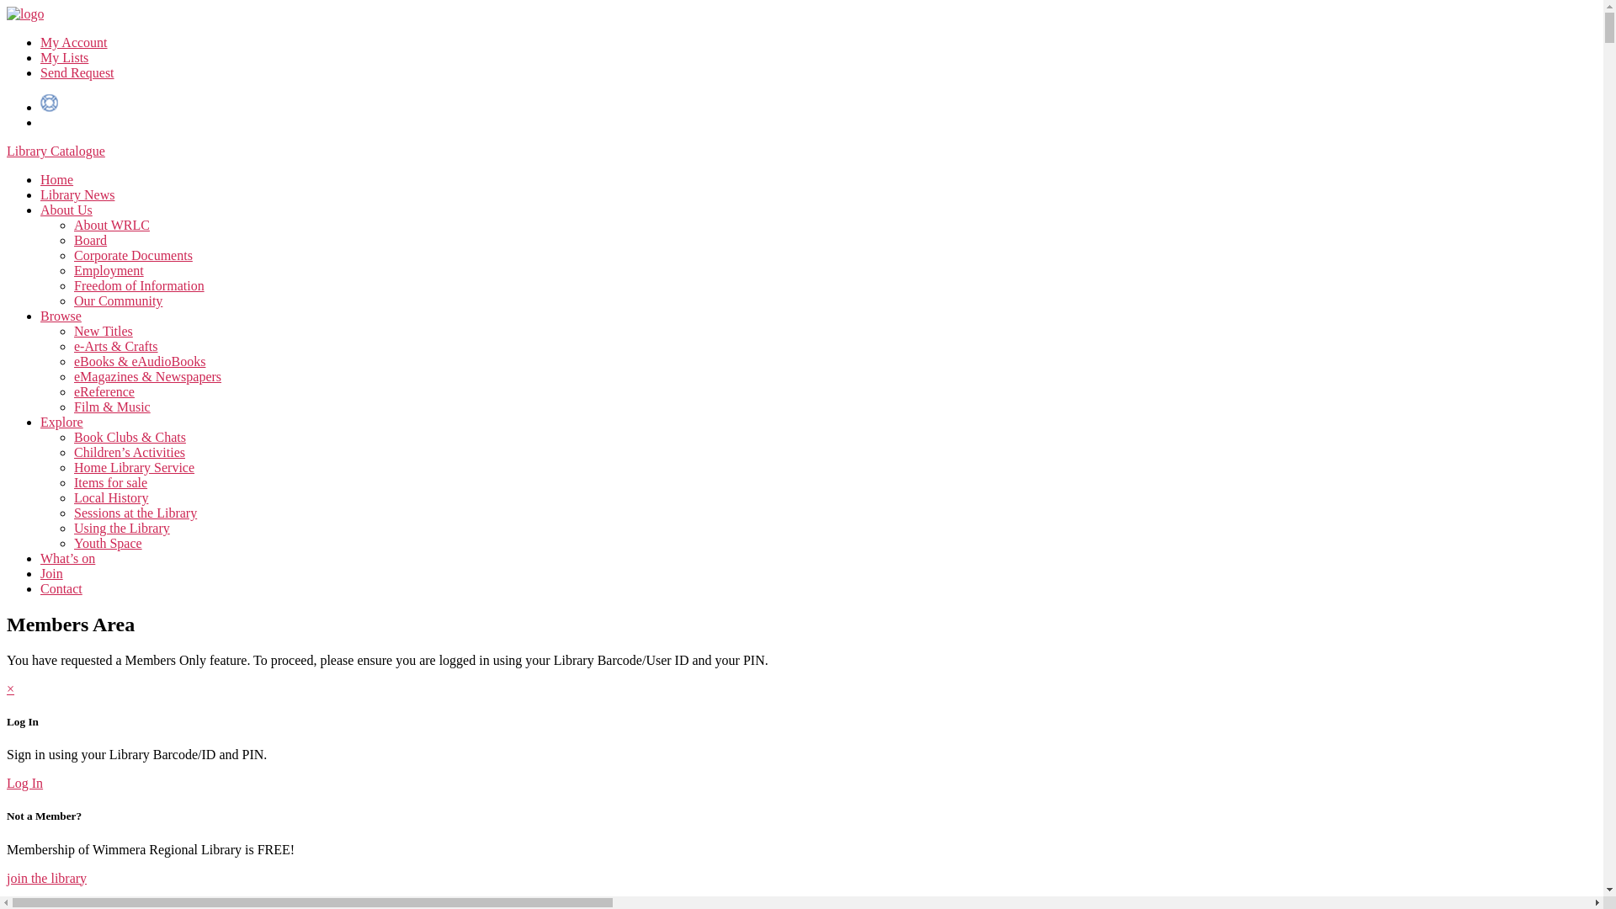 The height and width of the screenshot is (909, 1616). Describe the element at coordinates (7, 150) in the screenshot. I see `'Library Catalogue'` at that location.